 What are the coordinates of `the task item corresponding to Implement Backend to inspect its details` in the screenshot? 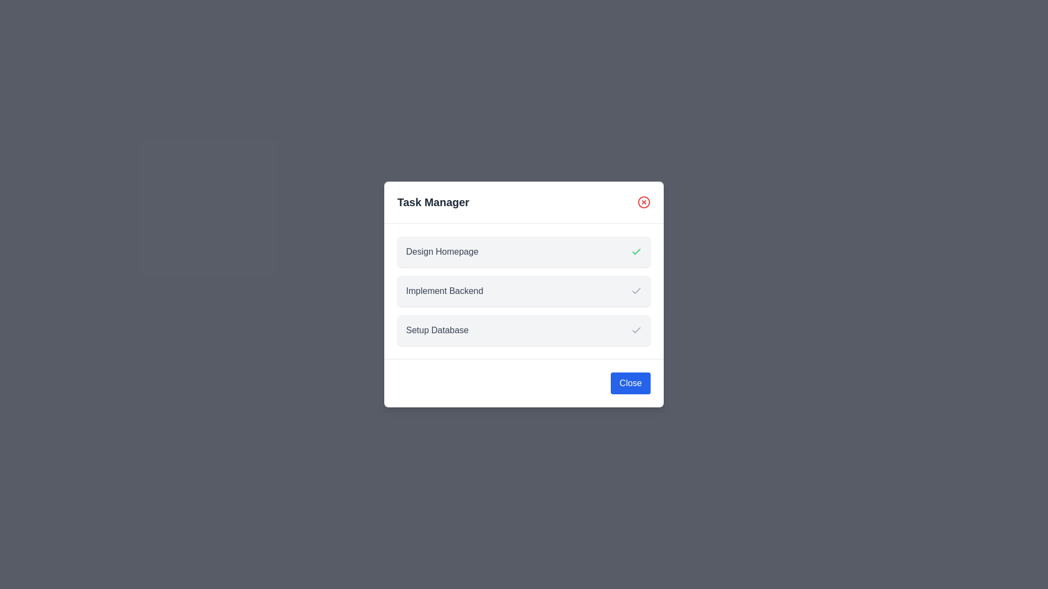 It's located at (524, 290).